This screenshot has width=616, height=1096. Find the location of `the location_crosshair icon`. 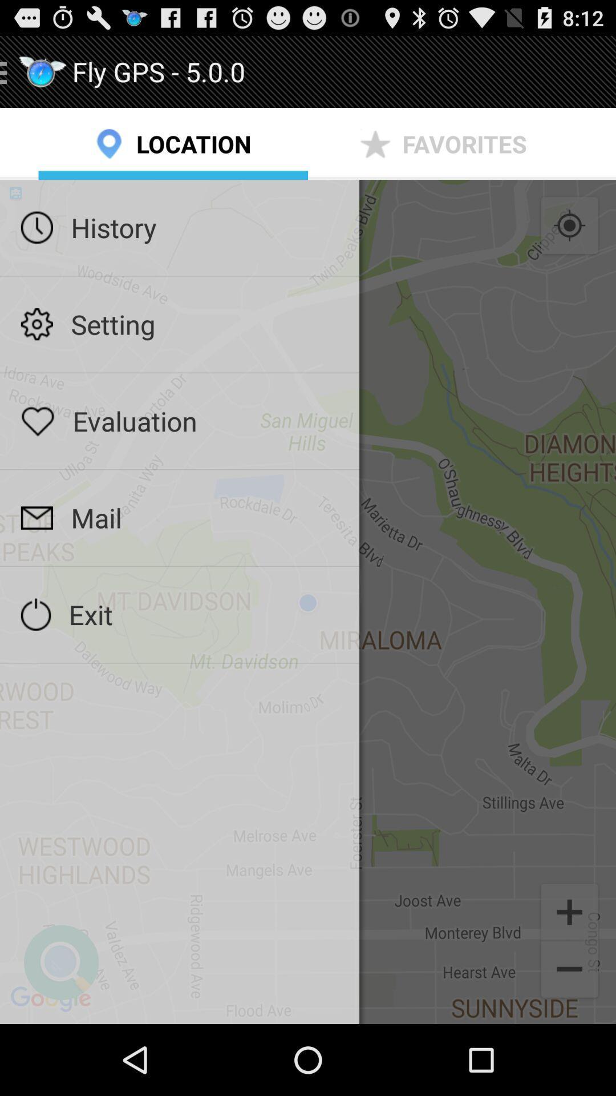

the location_crosshair icon is located at coordinates (569, 241).